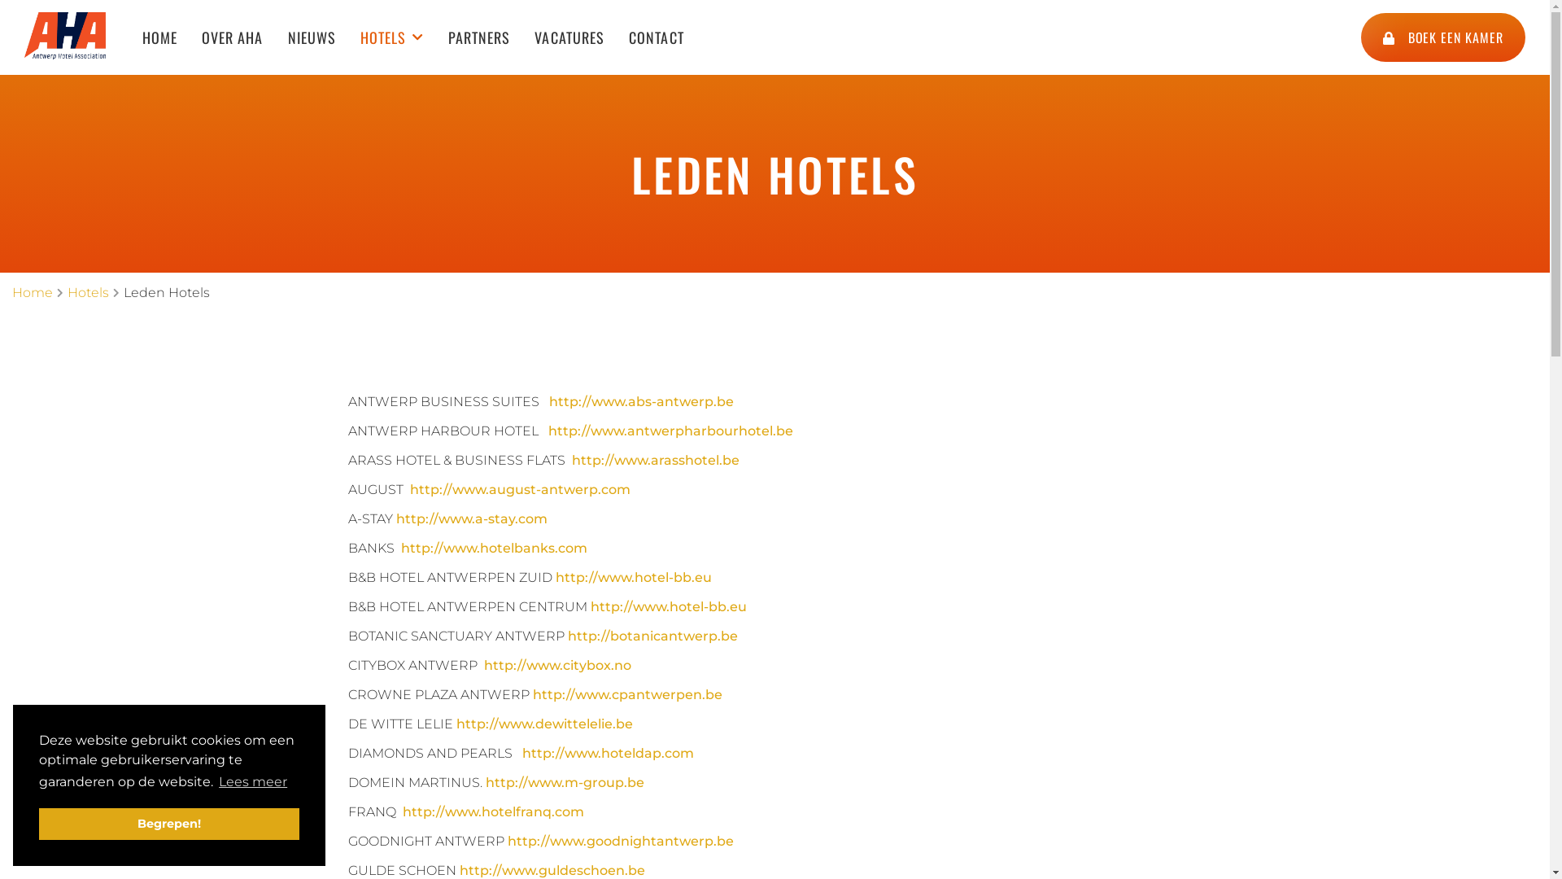 Image resolution: width=1562 pixels, height=879 pixels. What do you see at coordinates (551, 869) in the screenshot?
I see `'http://www.guldeschoen.be'` at bounding box center [551, 869].